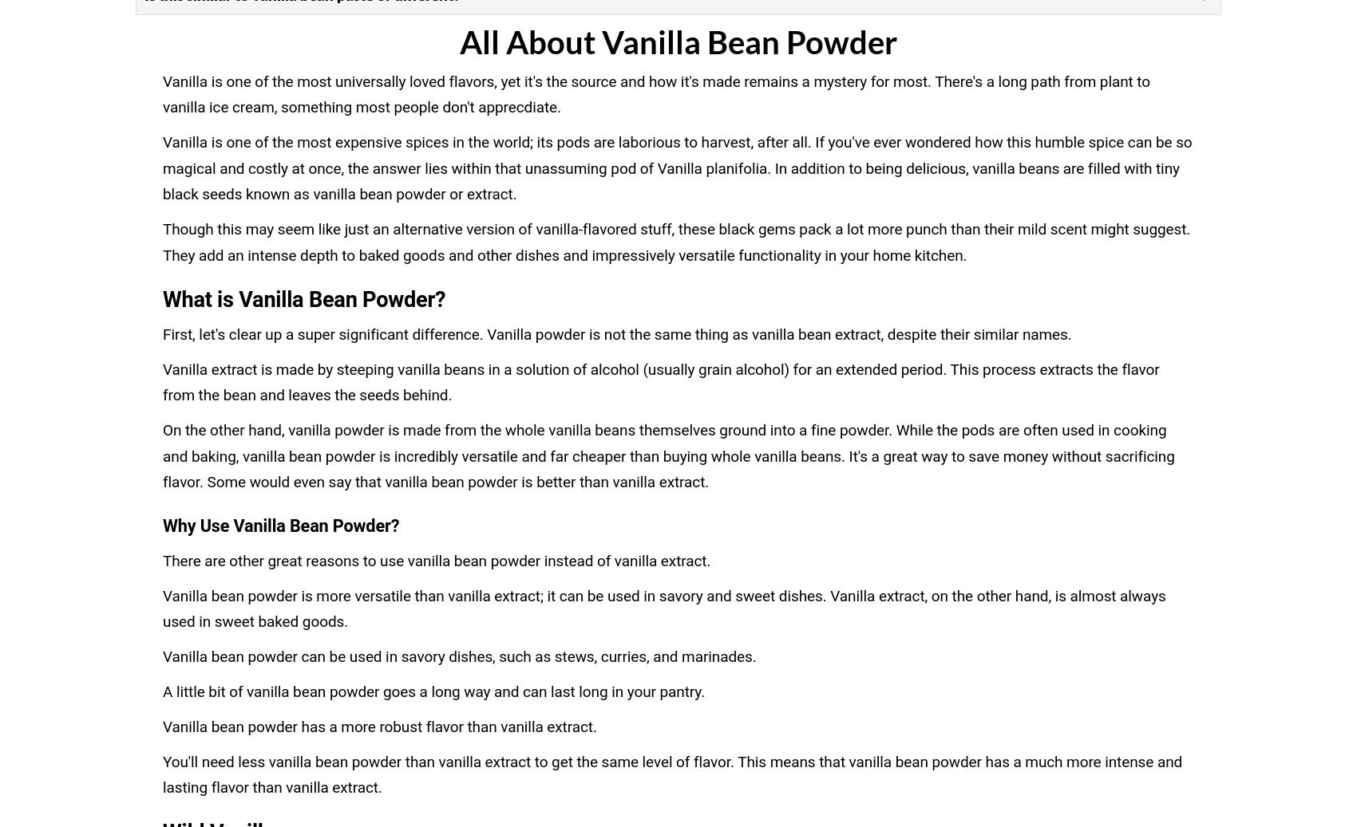  What do you see at coordinates (655, 93) in the screenshot?
I see `'Vanilla is one of the most universally loved flavors, yet it's the source and how it's made remains a mystery for most. There's a long path from plant to vanilla ice cream, something most people don't apprecdiate.'` at bounding box center [655, 93].